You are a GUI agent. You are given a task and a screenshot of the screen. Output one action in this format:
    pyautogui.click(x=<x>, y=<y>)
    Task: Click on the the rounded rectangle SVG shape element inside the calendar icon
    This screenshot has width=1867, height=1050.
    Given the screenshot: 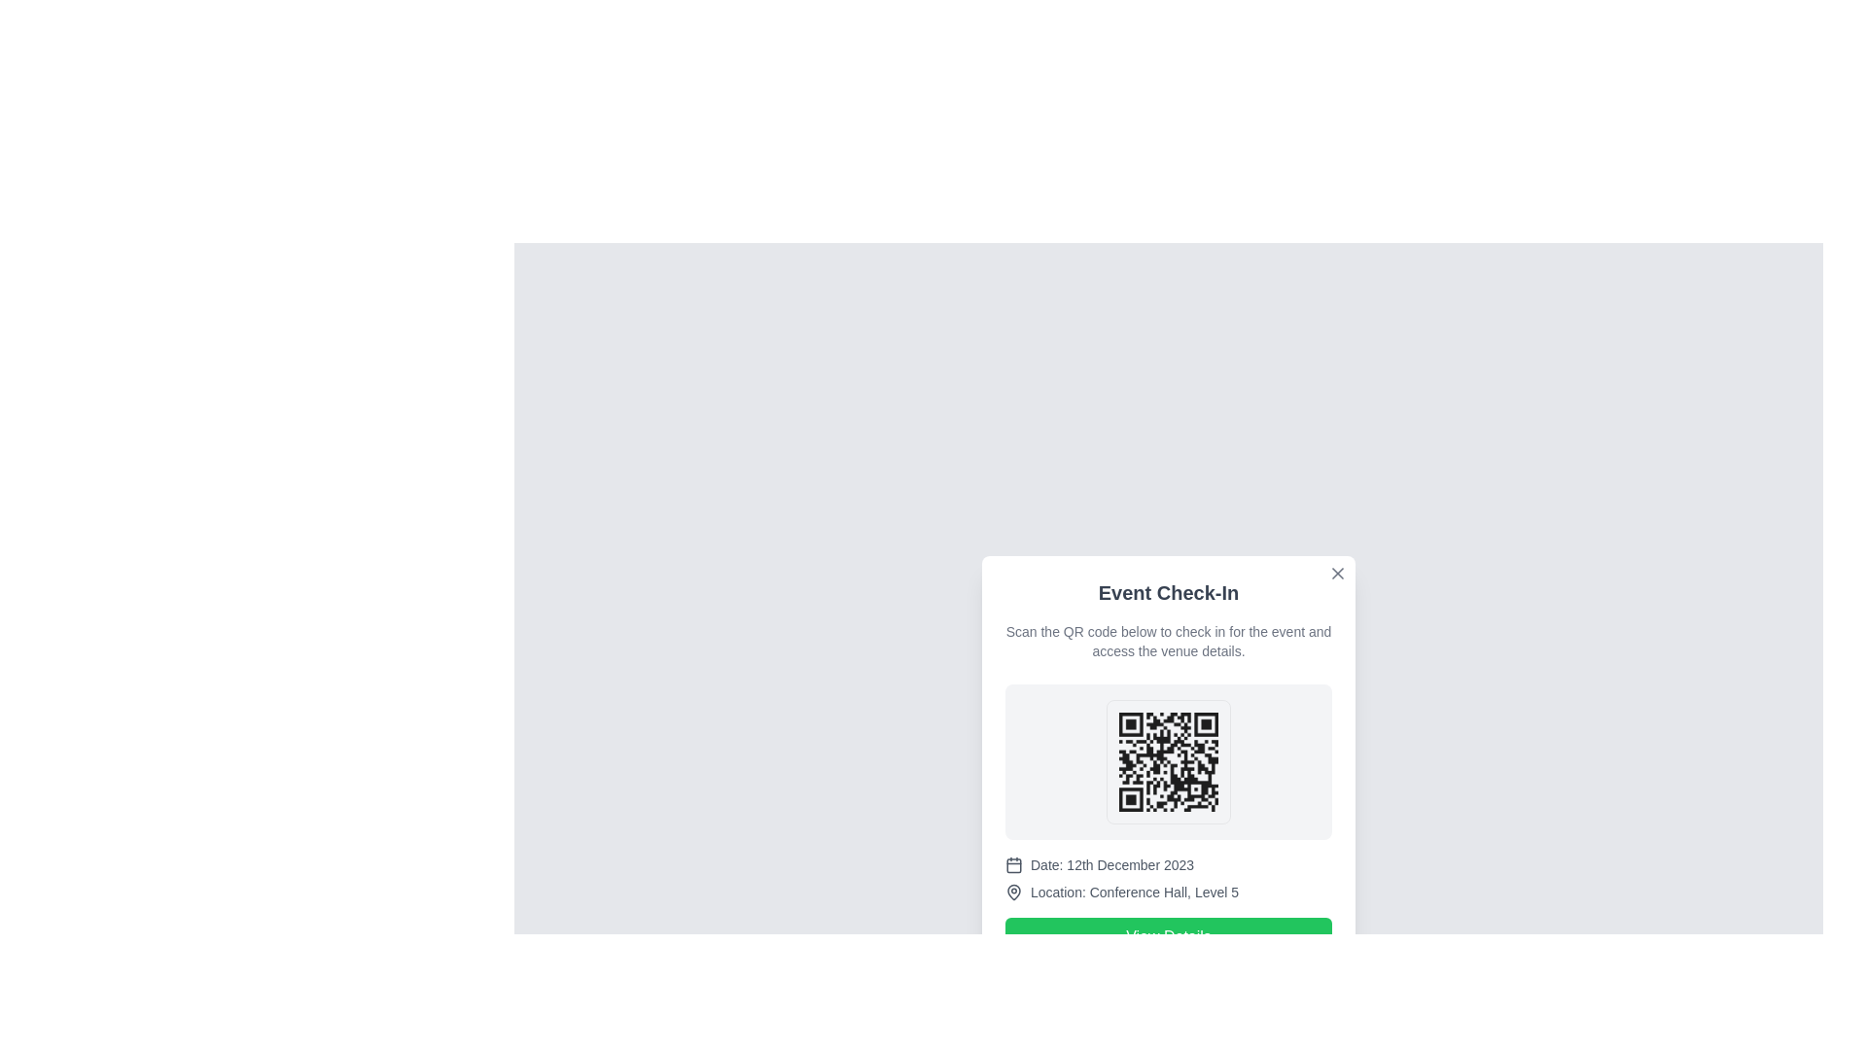 What is the action you would take?
    pyautogui.click(x=1012, y=864)
    